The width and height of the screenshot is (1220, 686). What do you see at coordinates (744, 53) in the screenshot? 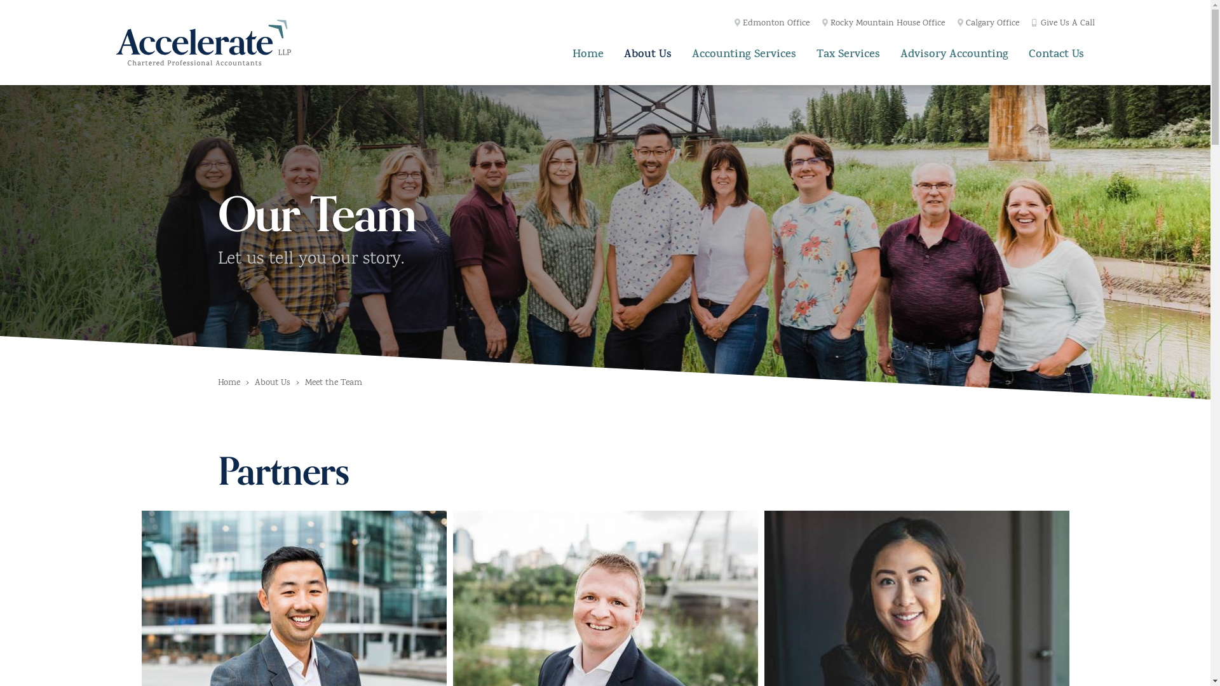
I see `'Accounting Services'` at bounding box center [744, 53].